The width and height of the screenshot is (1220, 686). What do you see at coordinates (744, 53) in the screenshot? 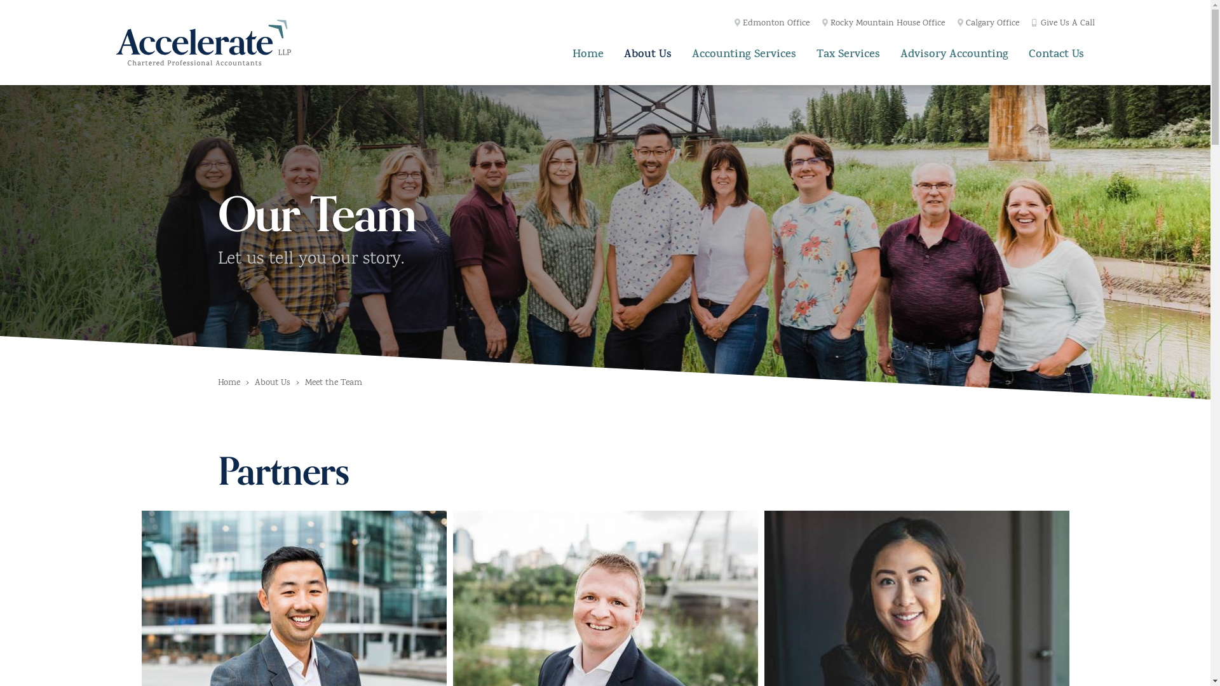
I see `'Accounting Services'` at bounding box center [744, 53].